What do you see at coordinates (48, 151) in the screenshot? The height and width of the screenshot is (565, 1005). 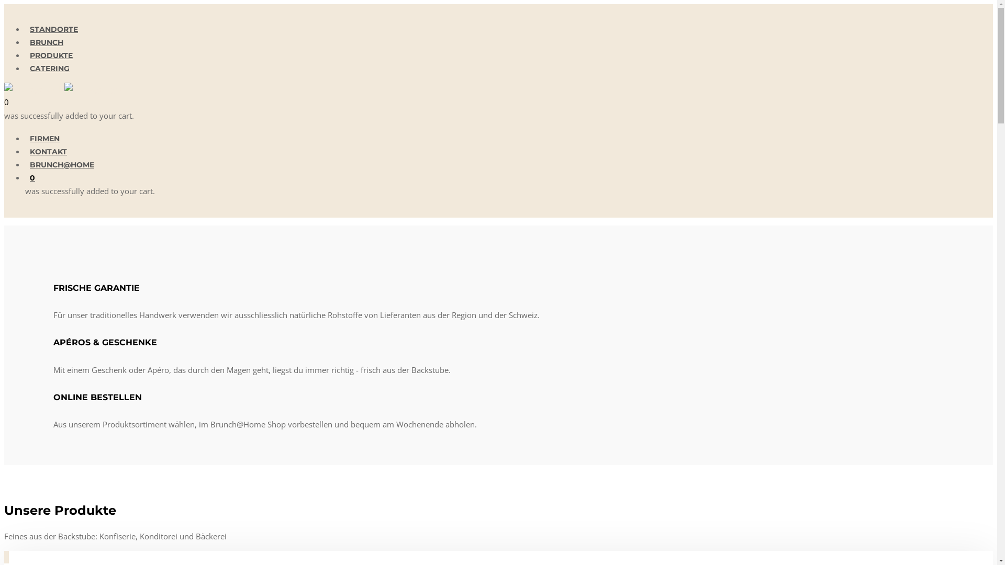 I see `'KONTAKT'` at bounding box center [48, 151].